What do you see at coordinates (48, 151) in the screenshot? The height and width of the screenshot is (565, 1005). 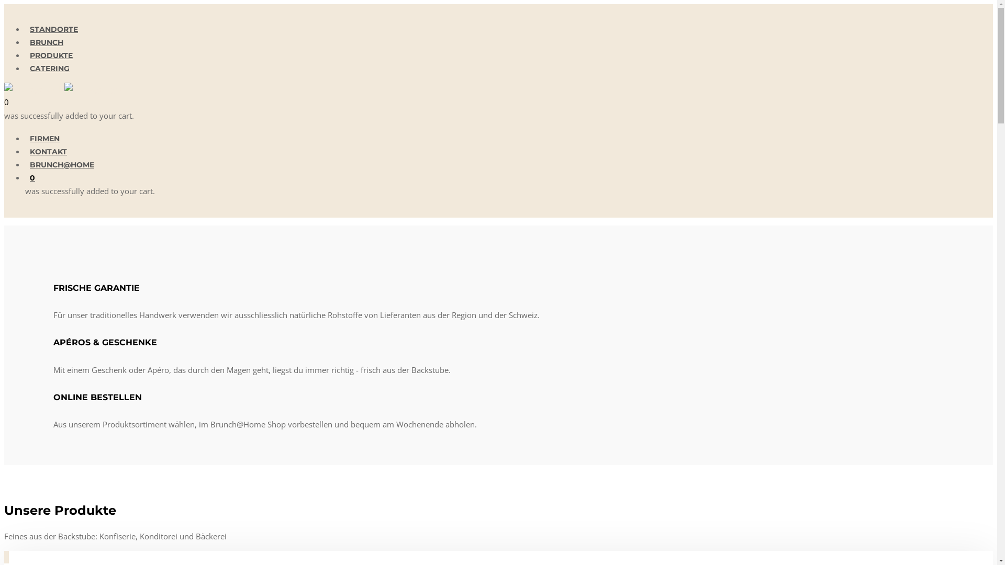 I see `'KONTAKT'` at bounding box center [48, 151].